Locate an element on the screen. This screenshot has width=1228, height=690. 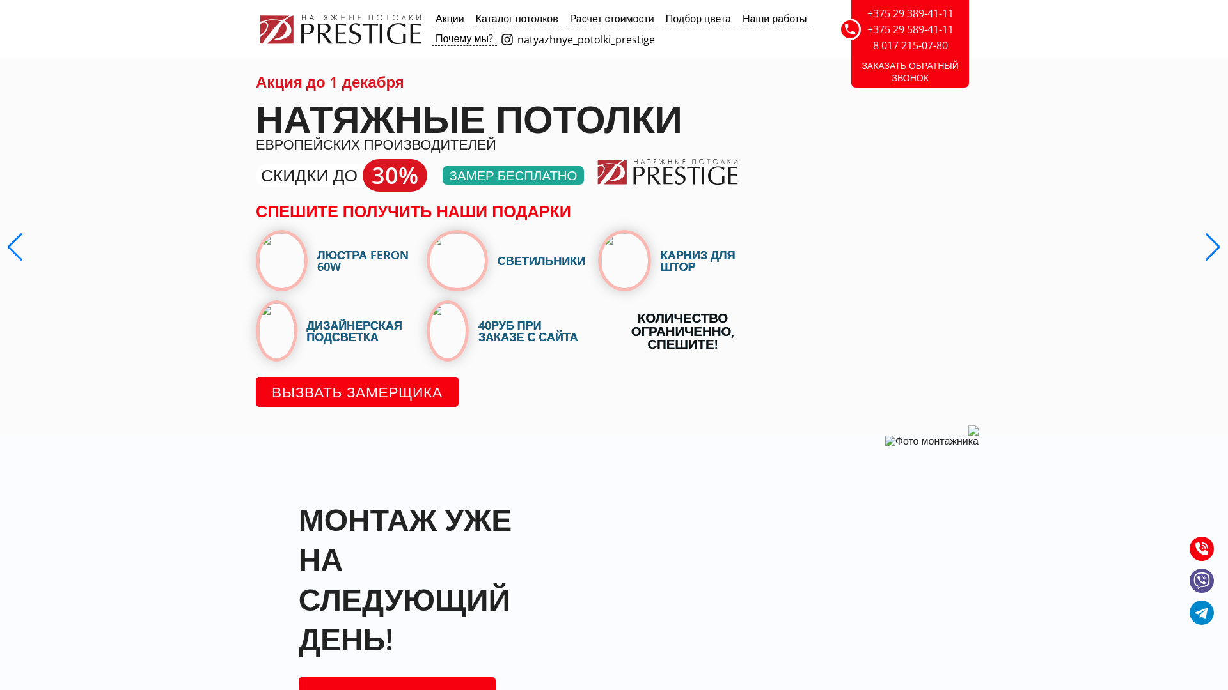
'+375 29 589-41-11' is located at coordinates (909, 29).